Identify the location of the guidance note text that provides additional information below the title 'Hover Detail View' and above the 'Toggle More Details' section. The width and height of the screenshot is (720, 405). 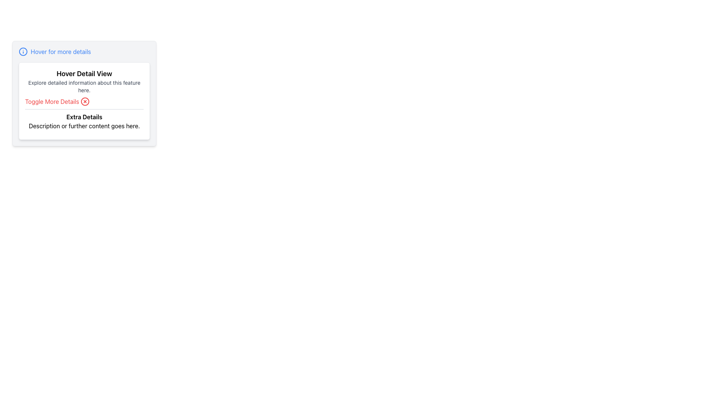
(84, 86).